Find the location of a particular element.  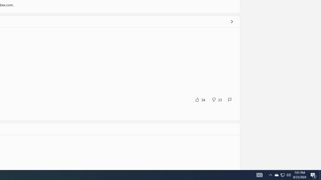

'Yes, this was helpful. 34 votes.' is located at coordinates (200, 99).